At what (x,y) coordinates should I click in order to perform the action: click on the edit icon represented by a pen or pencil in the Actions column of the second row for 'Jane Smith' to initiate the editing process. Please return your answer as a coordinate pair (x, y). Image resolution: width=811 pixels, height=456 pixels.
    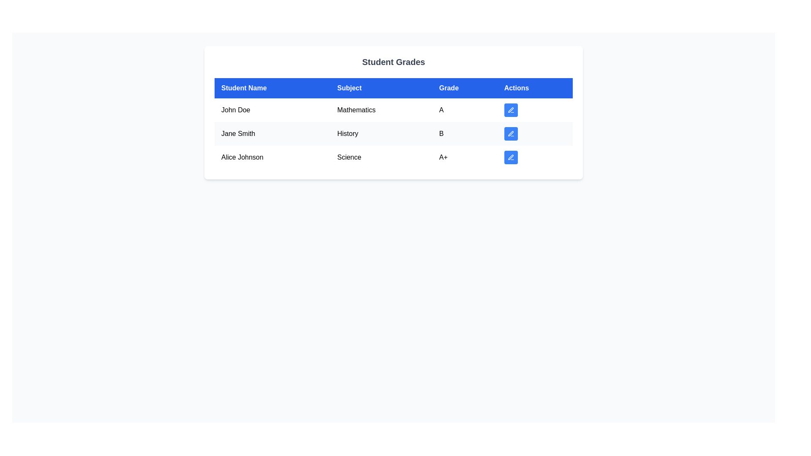
    Looking at the image, I should click on (510, 133).